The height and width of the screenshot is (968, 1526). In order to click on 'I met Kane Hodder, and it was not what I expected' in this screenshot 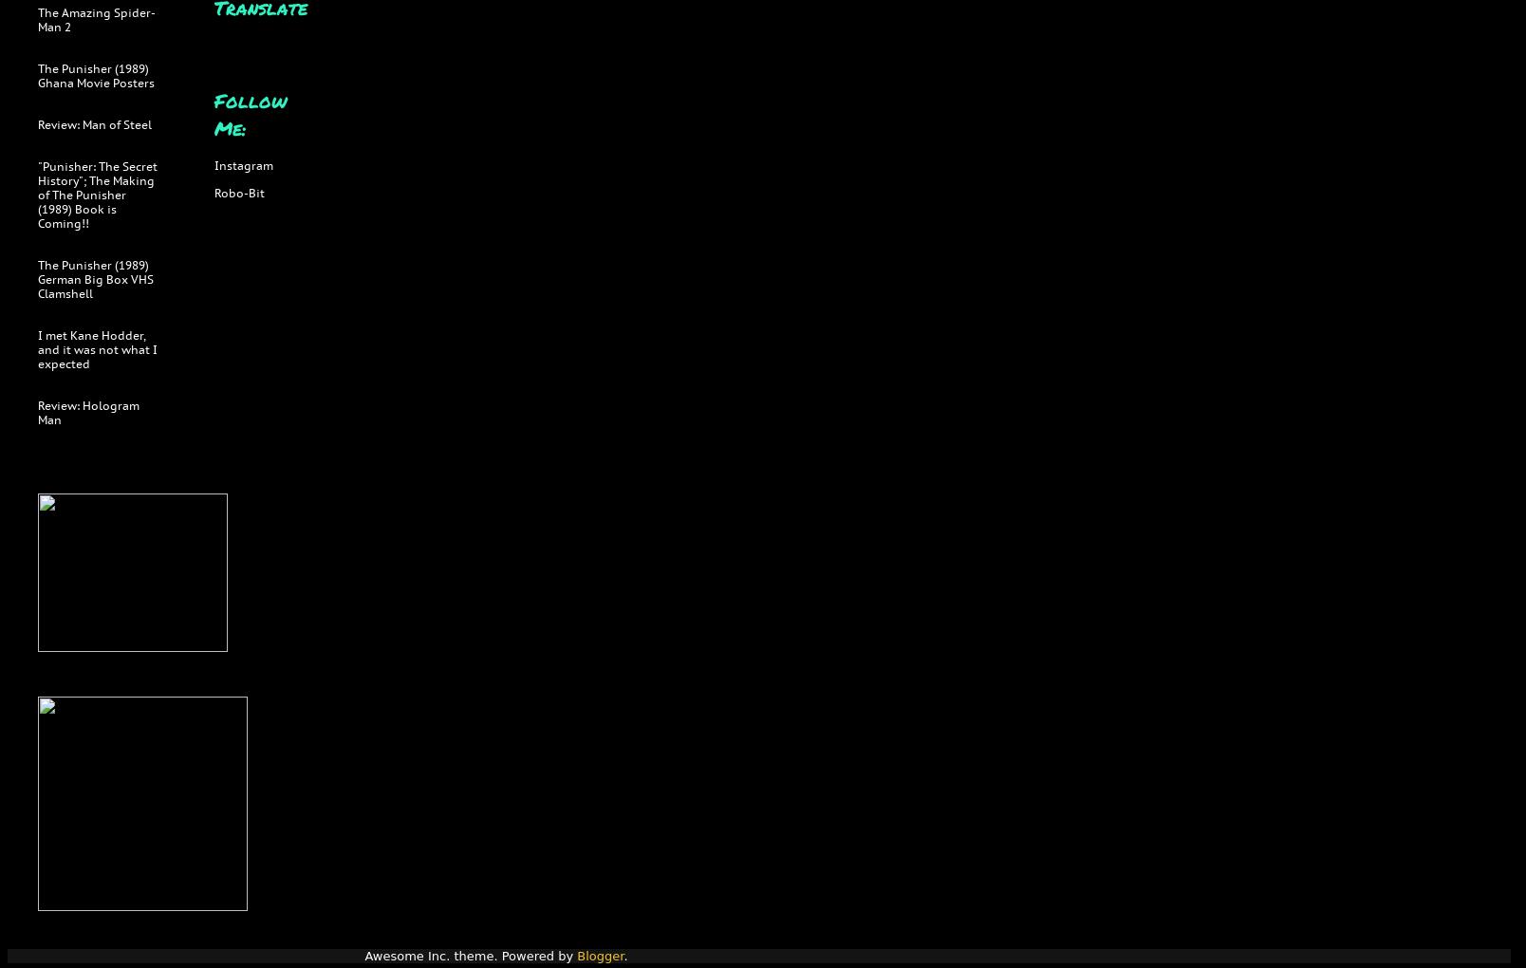, I will do `click(98, 348)`.